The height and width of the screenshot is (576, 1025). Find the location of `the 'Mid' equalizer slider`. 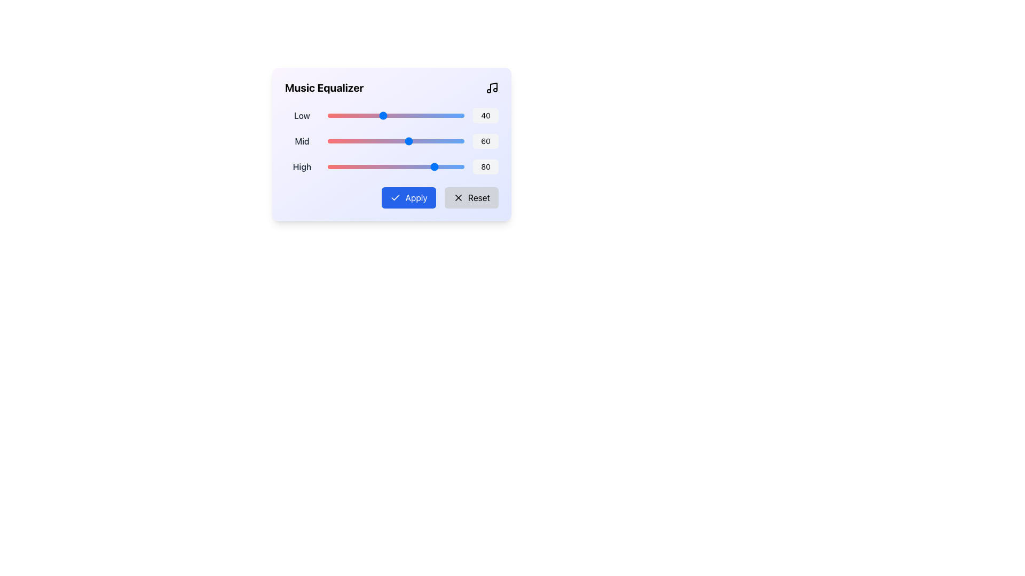

the 'Mid' equalizer slider is located at coordinates (356, 141).